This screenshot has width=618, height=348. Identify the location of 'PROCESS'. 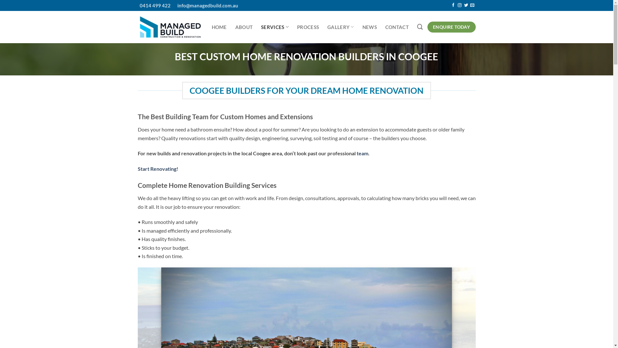
(307, 27).